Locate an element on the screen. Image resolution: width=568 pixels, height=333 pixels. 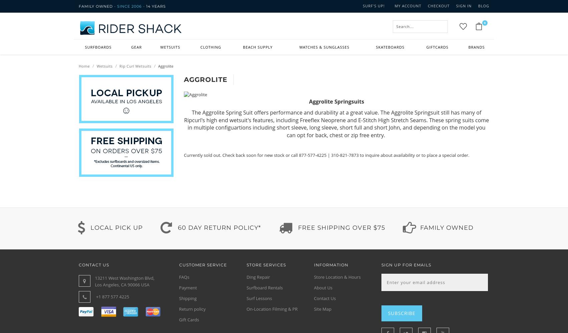
'Surf's up!' is located at coordinates (373, 6).